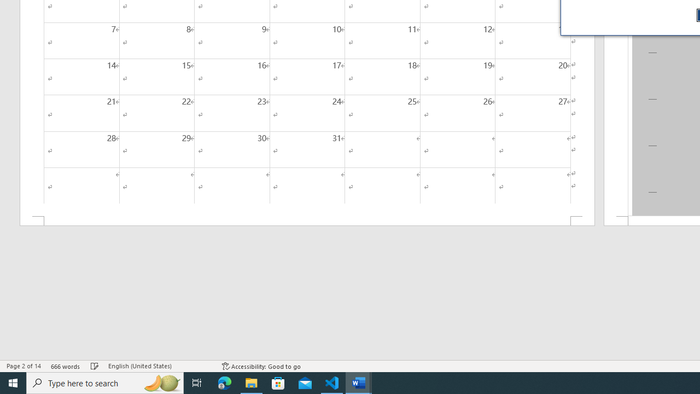 This screenshot has width=700, height=394. What do you see at coordinates (359, 382) in the screenshot?
I see `'Word - 2 running windows'` at bounding box center [359, 382].